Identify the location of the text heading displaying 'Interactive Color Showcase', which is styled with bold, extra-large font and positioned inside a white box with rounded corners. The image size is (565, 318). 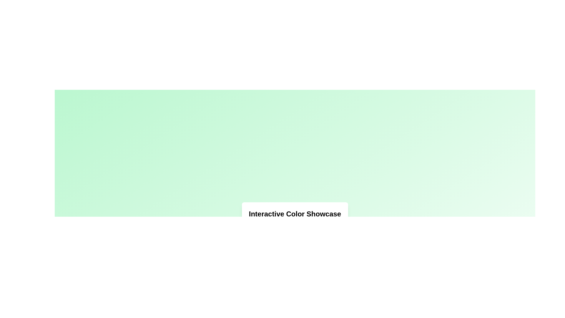
(295, 214).